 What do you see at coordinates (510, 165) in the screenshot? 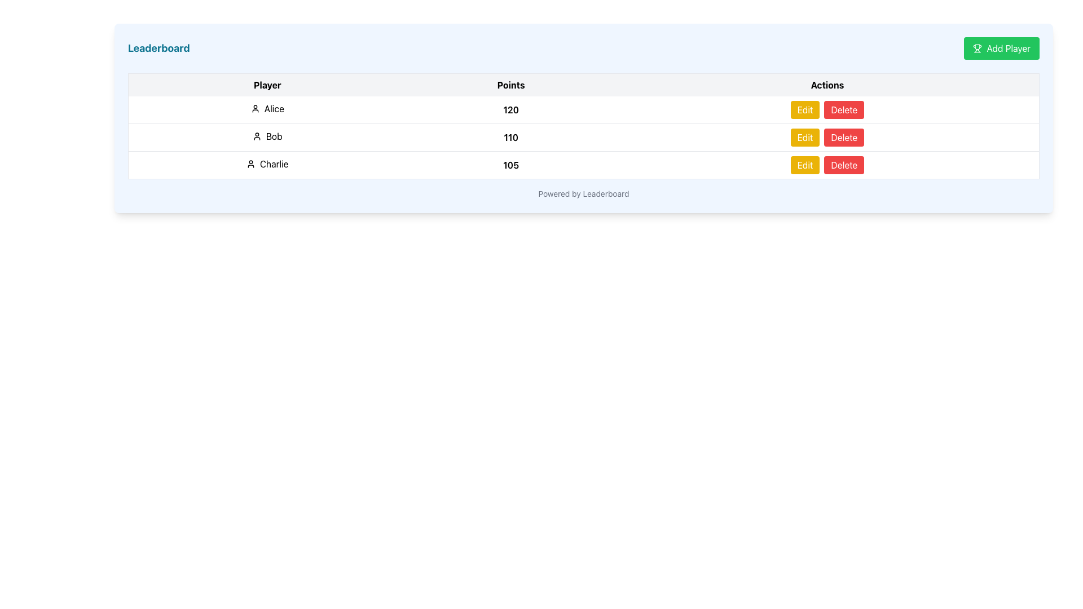
I see `the Points text label for player 'Charlie' in the leaderboard, located in the third row of the table` at bounding box center [510, 165].